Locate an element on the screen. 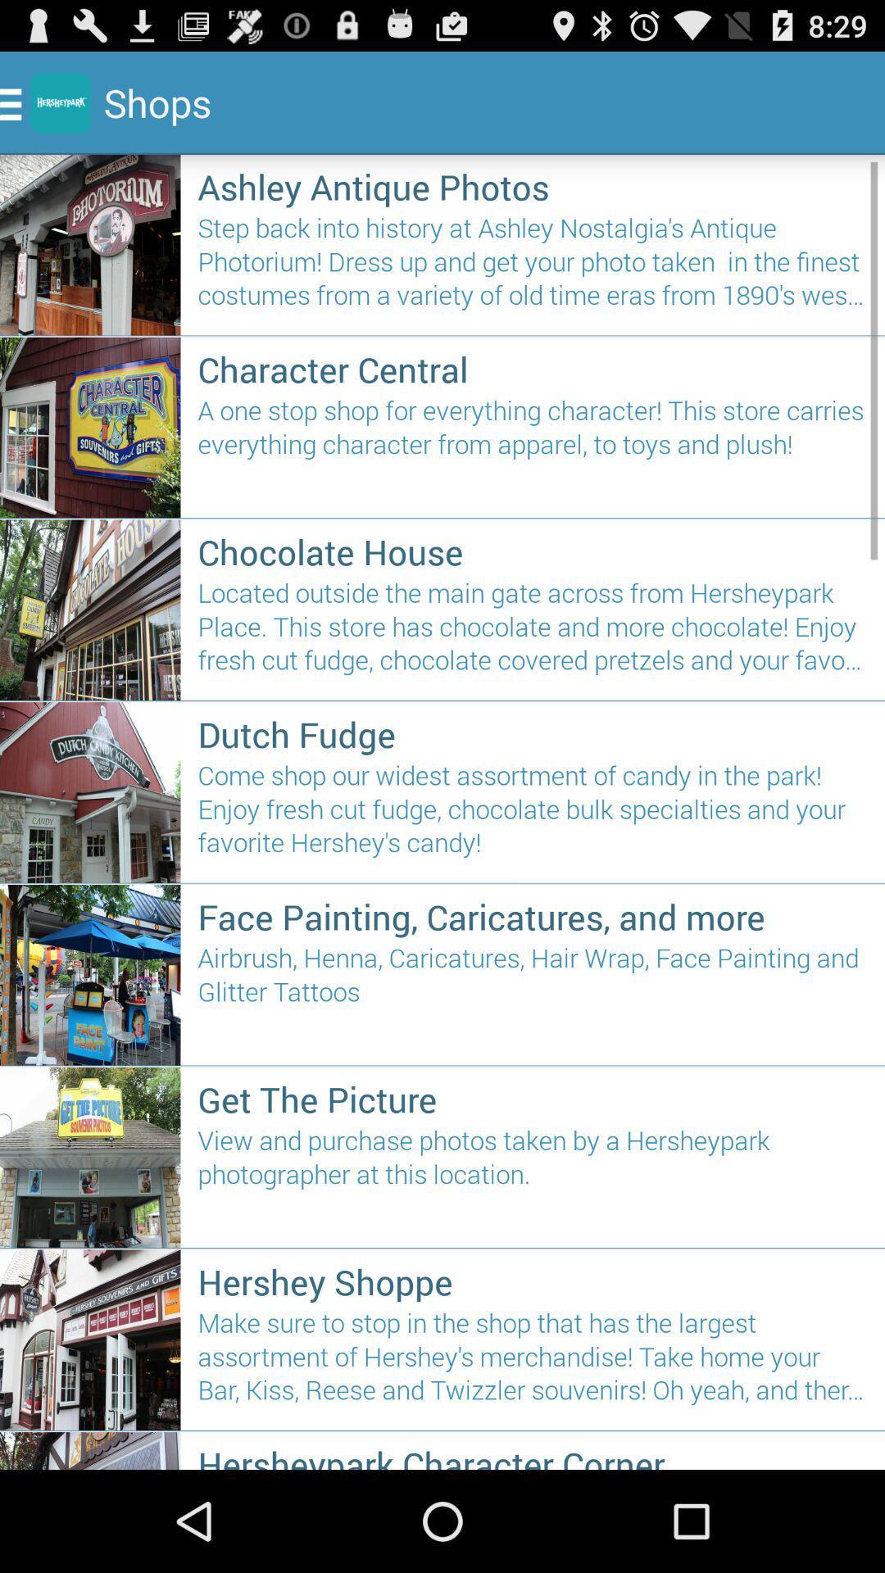  make sure to is located at coordinates (533, 1363).